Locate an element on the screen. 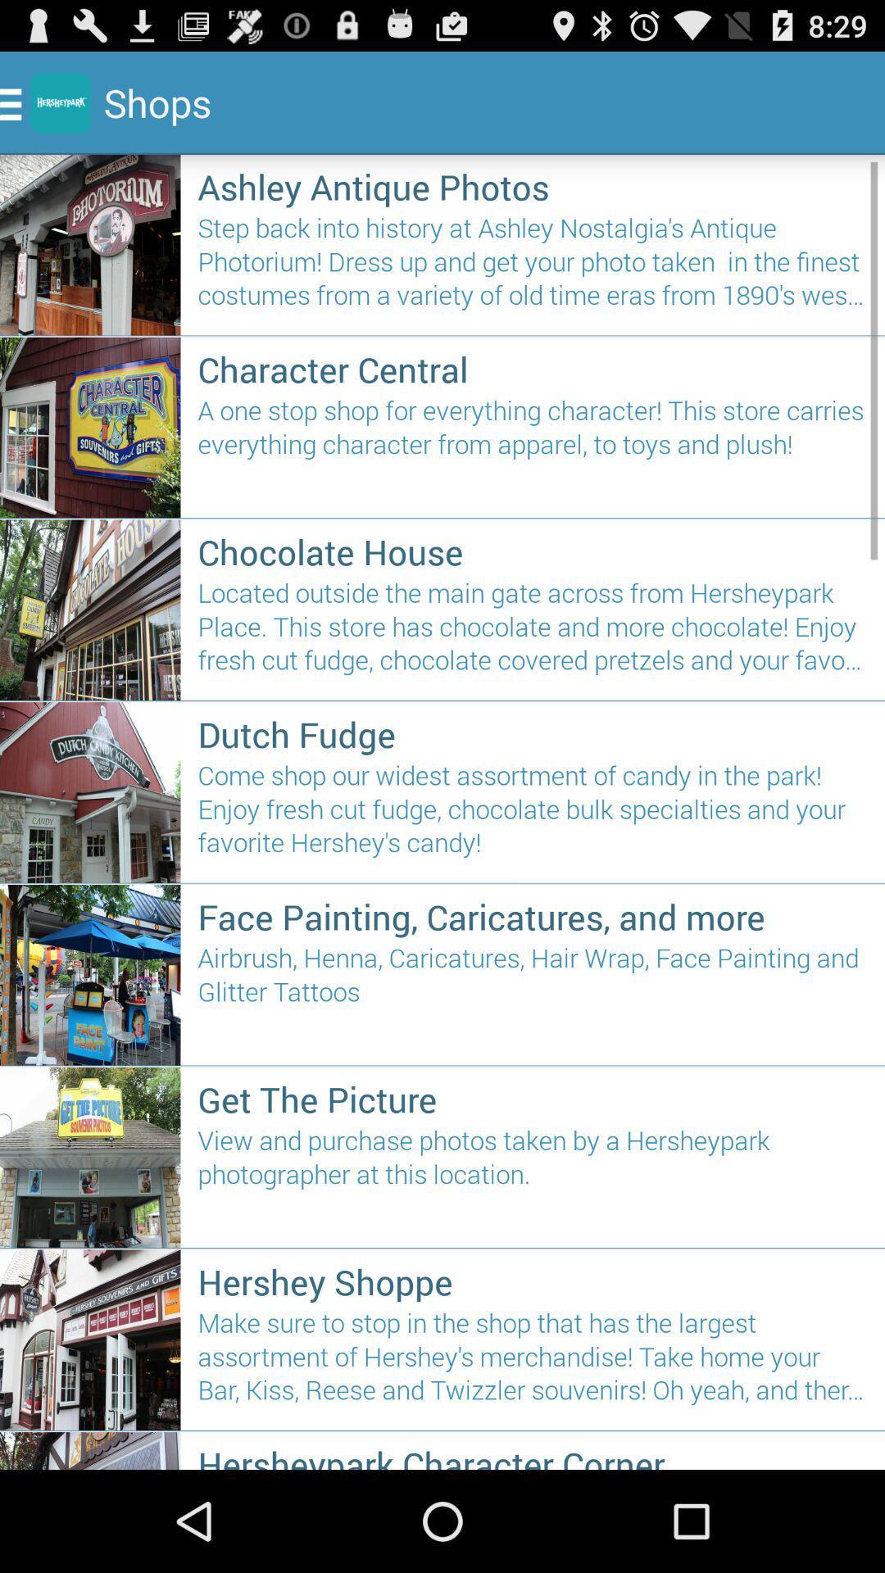  make sure to is located at coordinates (533, 1363).